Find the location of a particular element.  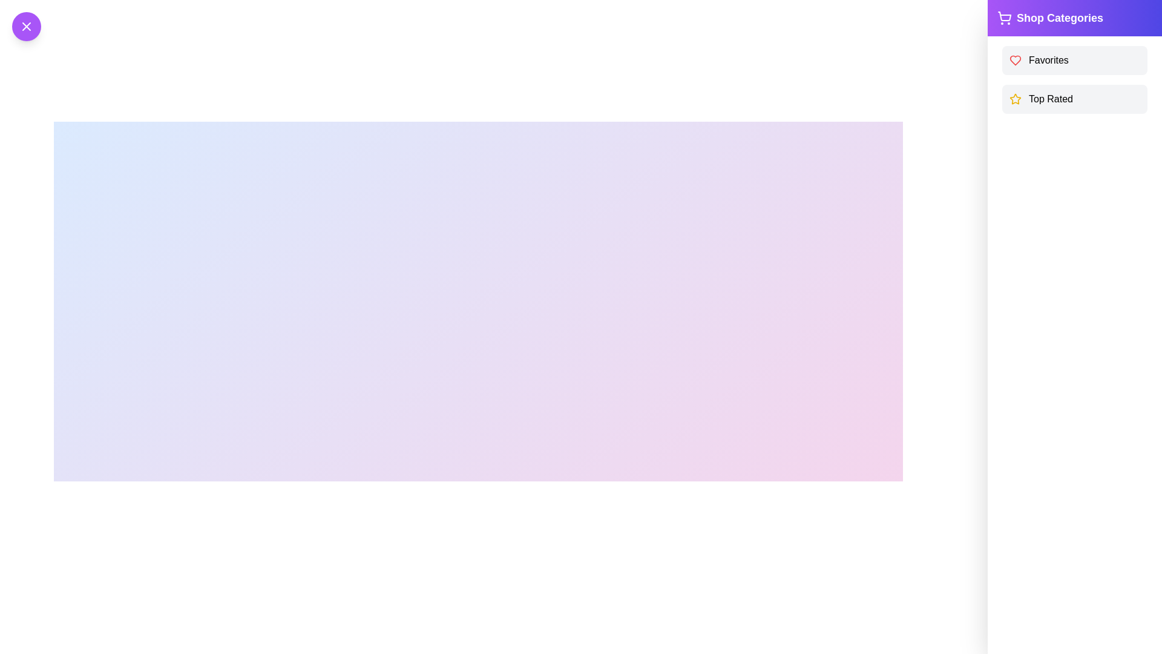

the 'Favorites' category in the list is located at coordinates (1075, 61).